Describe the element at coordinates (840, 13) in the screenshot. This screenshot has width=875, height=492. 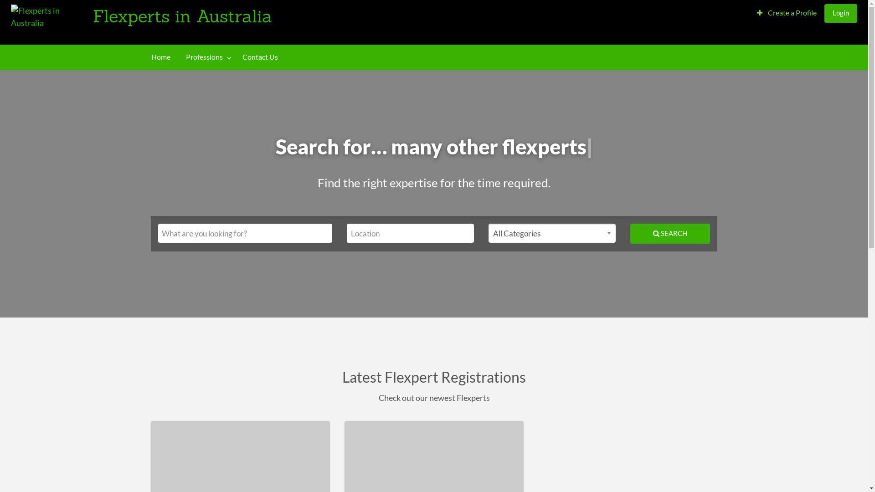
I see `'Login'` at that location.